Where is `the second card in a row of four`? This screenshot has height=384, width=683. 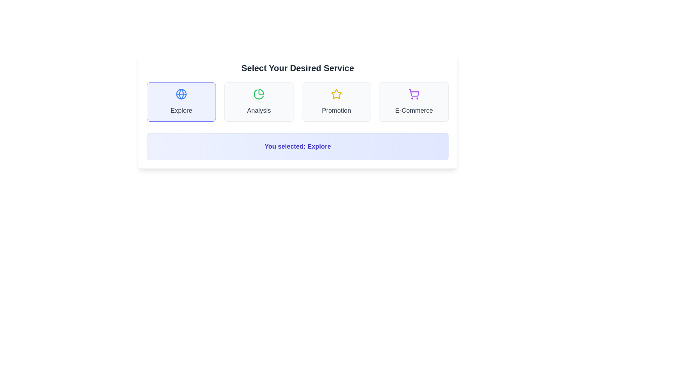
the second card in a row of four is located at coordinates (259, 102).